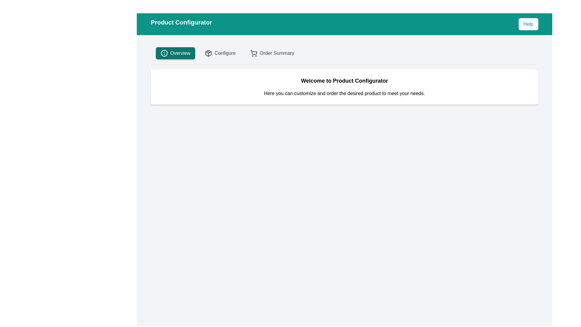  Describe the element at coordinates (181, 24) in the screenshot. I see `the bolded text label reading 'Product Configurator' which is styled with a large font size and white color on a teal background, located at the top left of the interface` at that location.